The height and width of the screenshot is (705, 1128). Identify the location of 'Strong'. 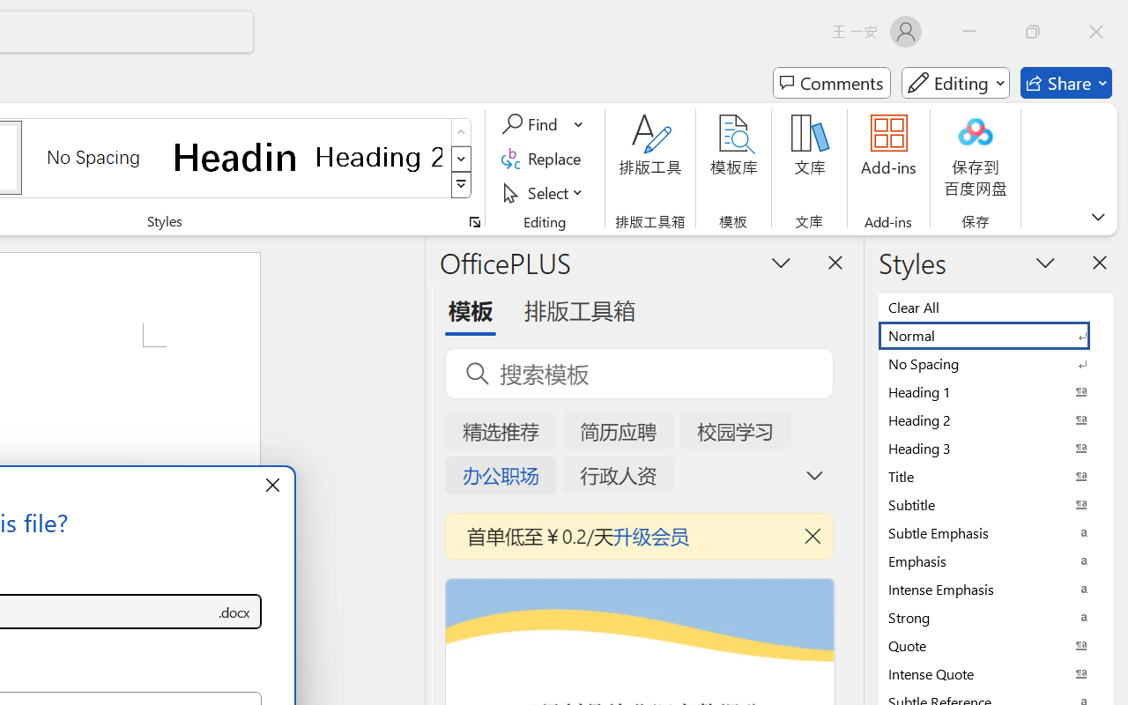
(996, 617).